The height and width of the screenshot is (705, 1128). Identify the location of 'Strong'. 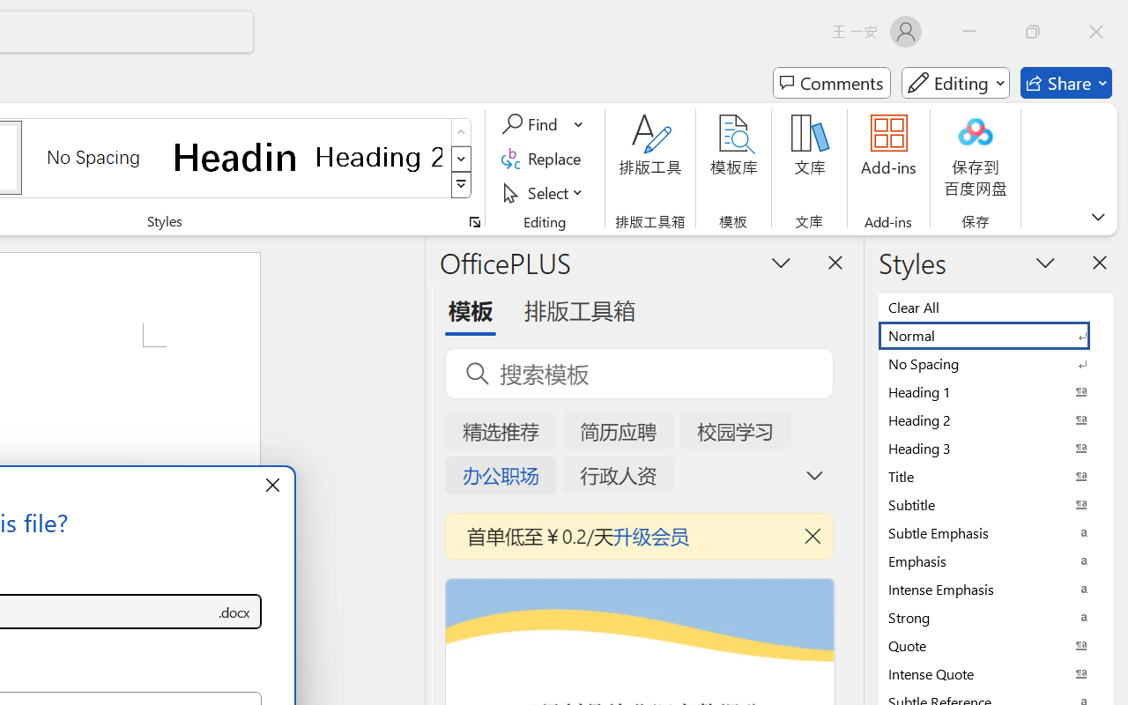
(996, 617).